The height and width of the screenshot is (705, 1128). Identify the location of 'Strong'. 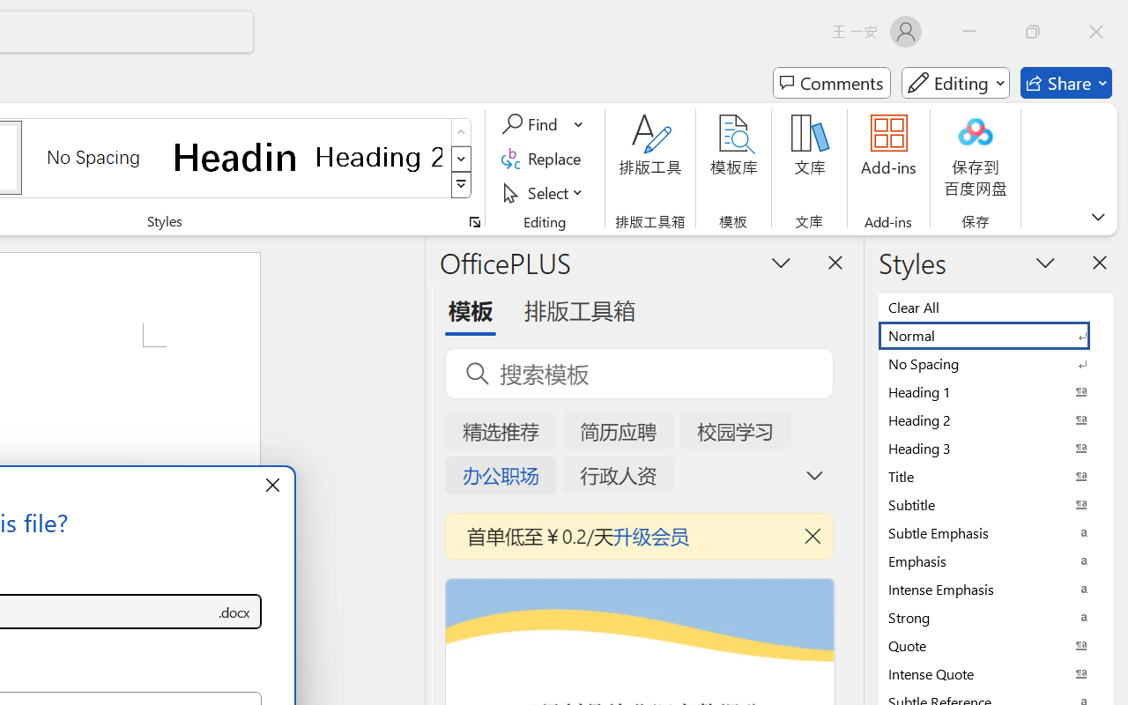
(996, 617).